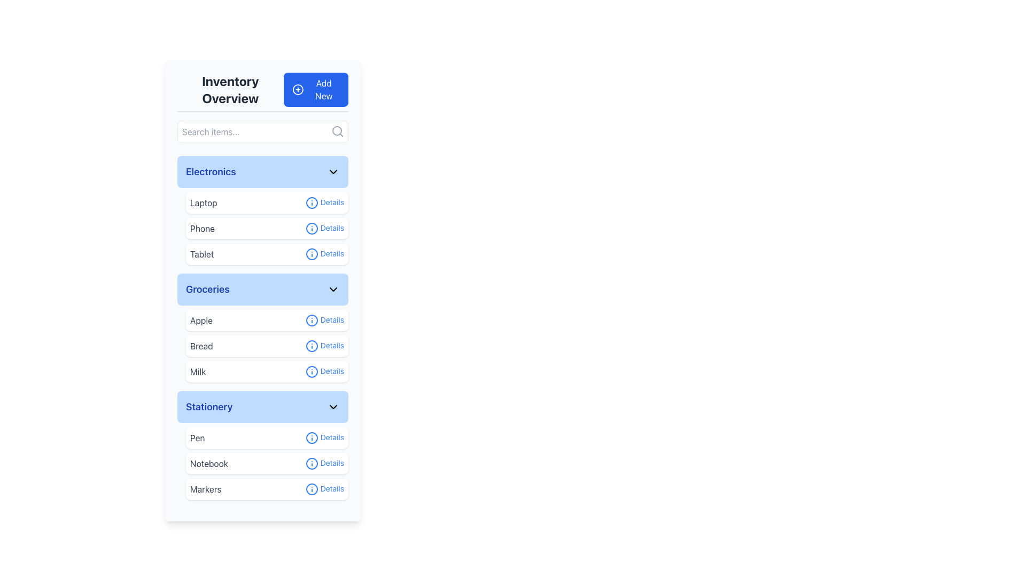 This screenshot has height=577, width=1026. Describe the element at coordinates (230, 89) in the screenshot. I see `the bold dark gray text label located in the header section, positioned to the left of the 'Add New' button` at that location.